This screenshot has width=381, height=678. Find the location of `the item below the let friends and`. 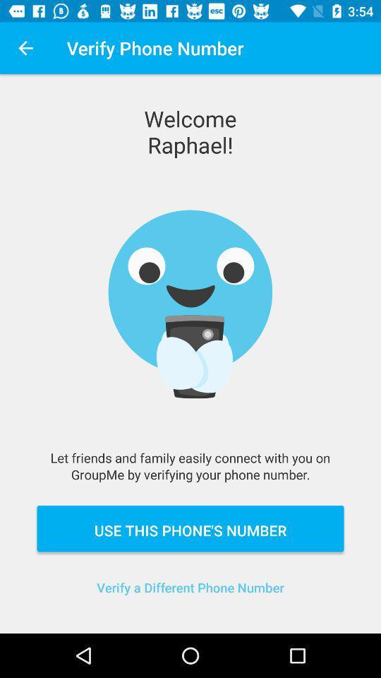

the item below the let friends and is located at coordinates (190, 528).